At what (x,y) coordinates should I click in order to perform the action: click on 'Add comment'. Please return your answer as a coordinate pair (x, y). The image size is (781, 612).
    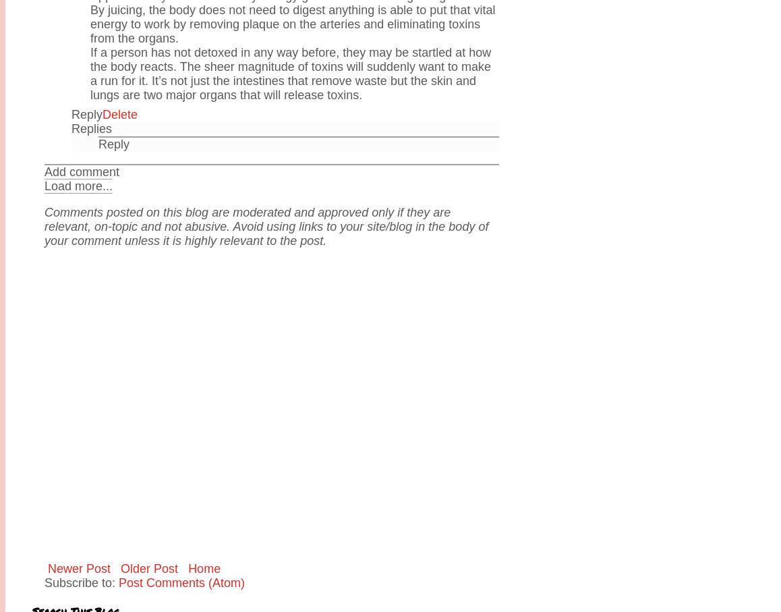
    Looking at the image, I should click on (81, 170).